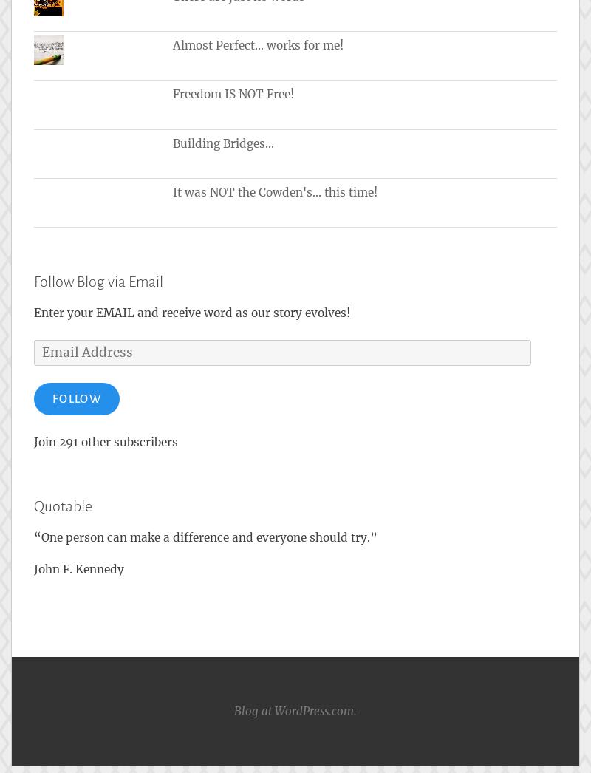 This screenshot has height=773, width=591. I want to click on 'Almost Perfect... works for me!', so click(258, 45).